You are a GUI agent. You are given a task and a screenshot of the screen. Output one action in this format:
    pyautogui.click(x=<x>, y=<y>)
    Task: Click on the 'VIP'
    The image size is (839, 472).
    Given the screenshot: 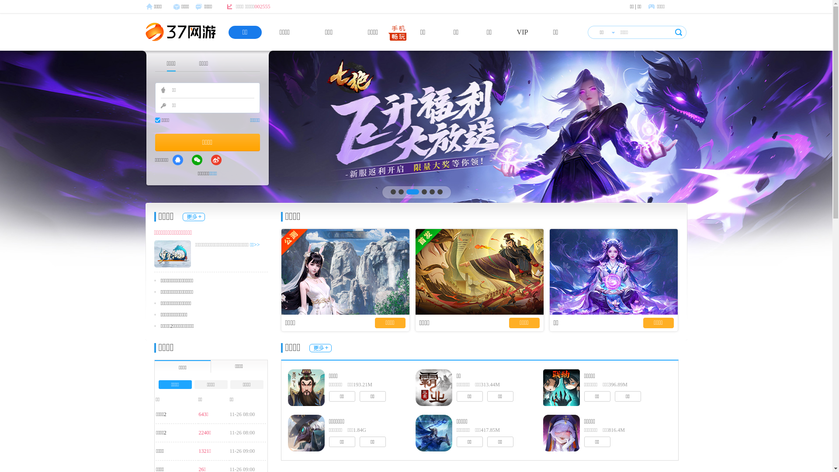 What is the action you would take?
    pyautogui.click(x=522, y=31)
    